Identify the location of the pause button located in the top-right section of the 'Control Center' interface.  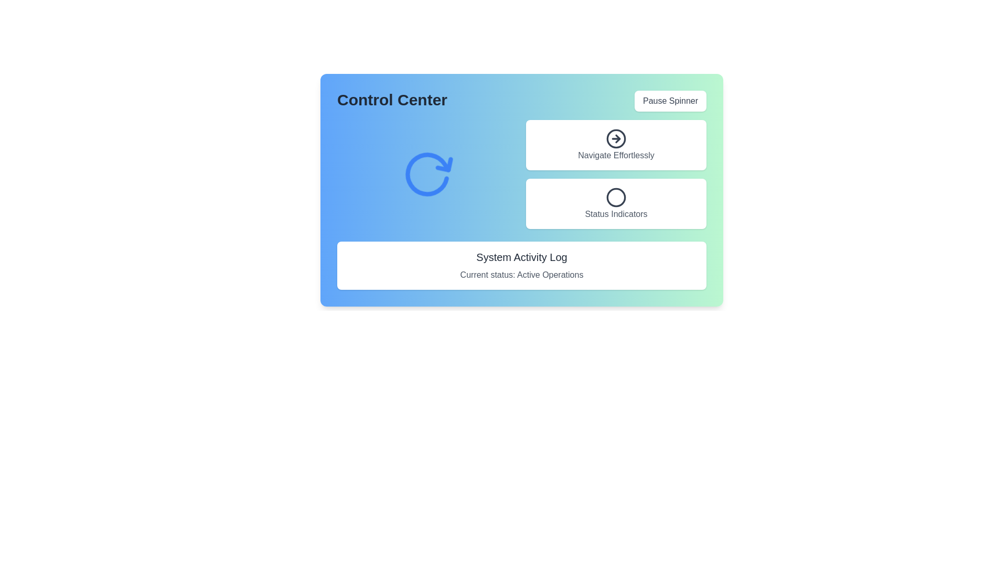
(669, 101).